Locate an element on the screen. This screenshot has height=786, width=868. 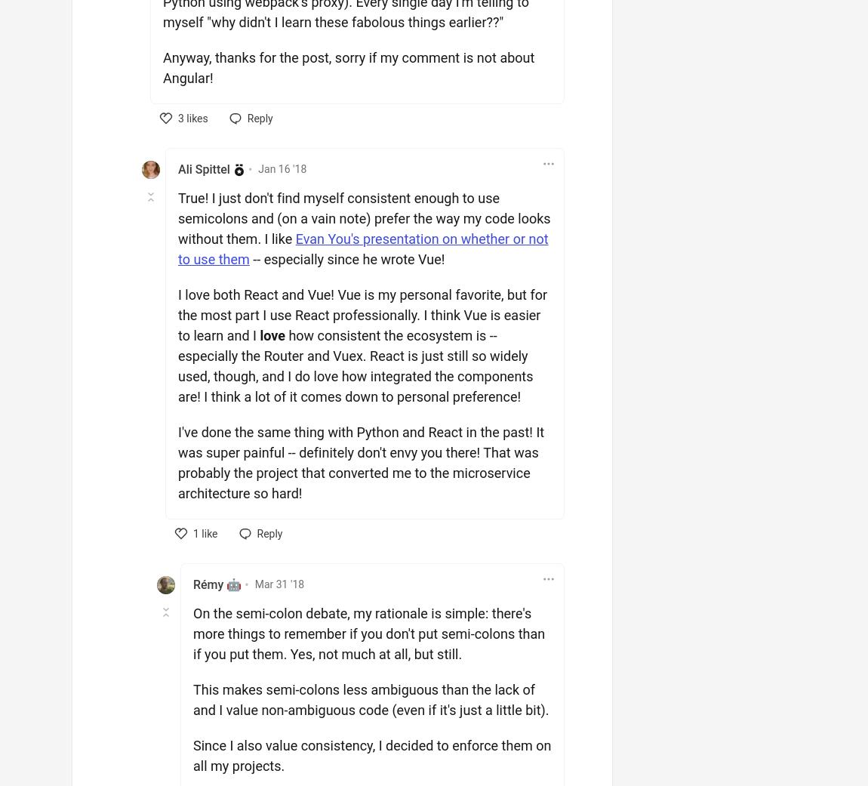
'On the semi-colon debate, my rationale is simple: there's more things to remember if you don't put semi-colons than if you put them. Yes, not much at all, but still.' is located at coordinates (368, 632).